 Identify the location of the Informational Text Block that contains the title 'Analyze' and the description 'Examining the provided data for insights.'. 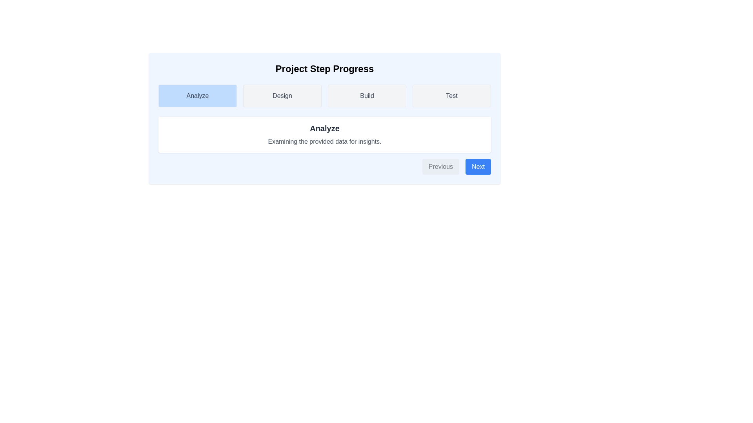
(325, 134).